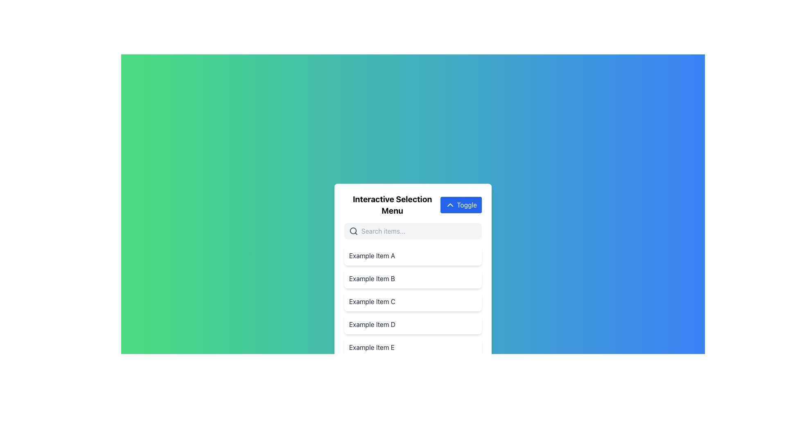 This screenshot has height=442, width=786. I want to click on to select the second list item in the menu, which is located directly below 'Example Item A' and above 'Example Item C', so click(413, 278).